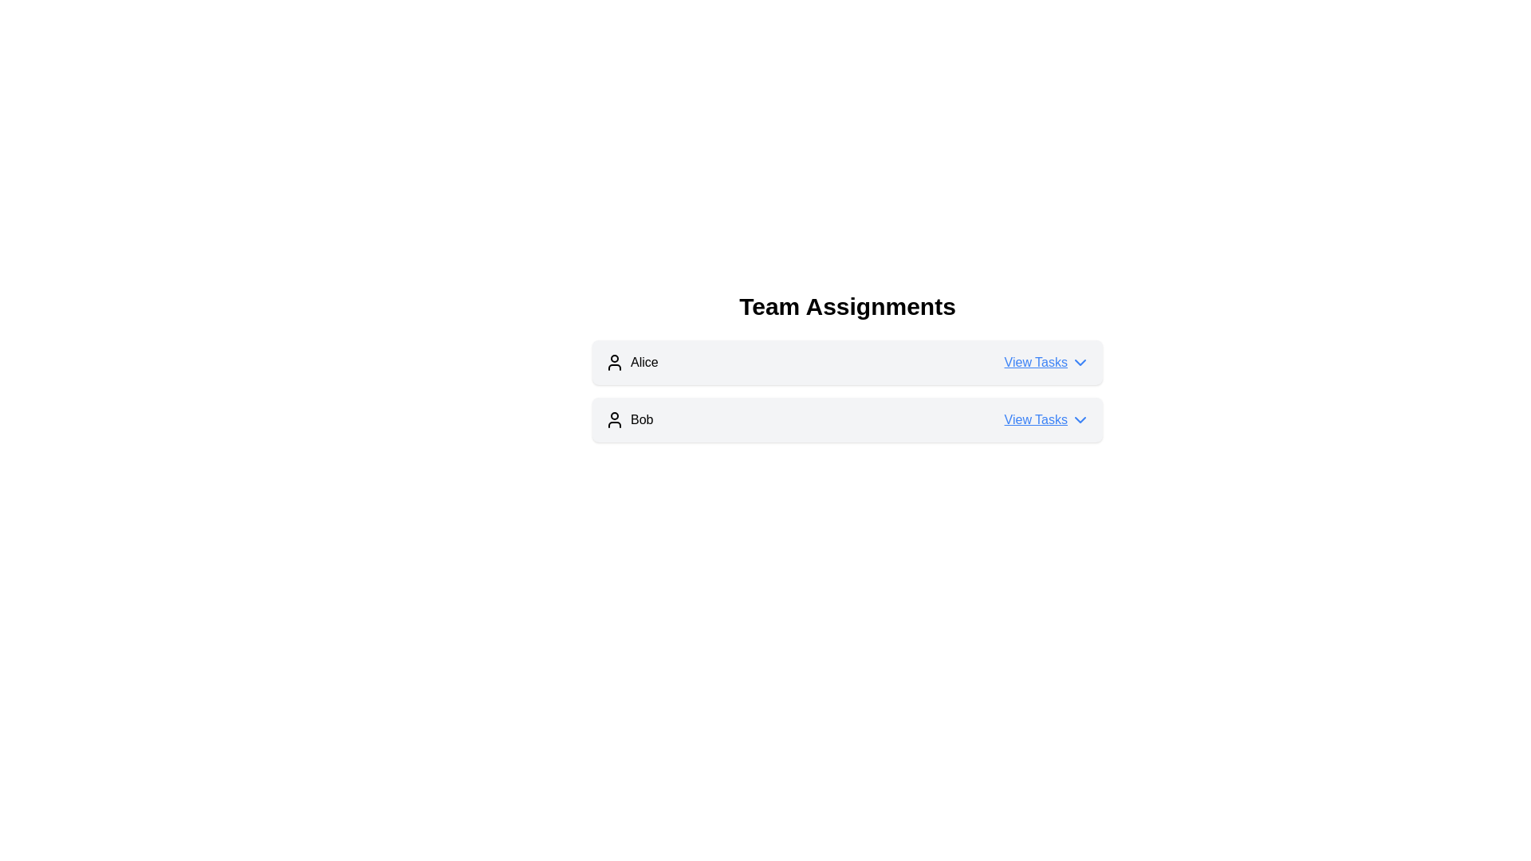 The image size is (1531, 861). I want to click on the text label displaying the name 'Bob' in bold black font style, which is located in the second row under 'Team Assignments', so click(642, 419).